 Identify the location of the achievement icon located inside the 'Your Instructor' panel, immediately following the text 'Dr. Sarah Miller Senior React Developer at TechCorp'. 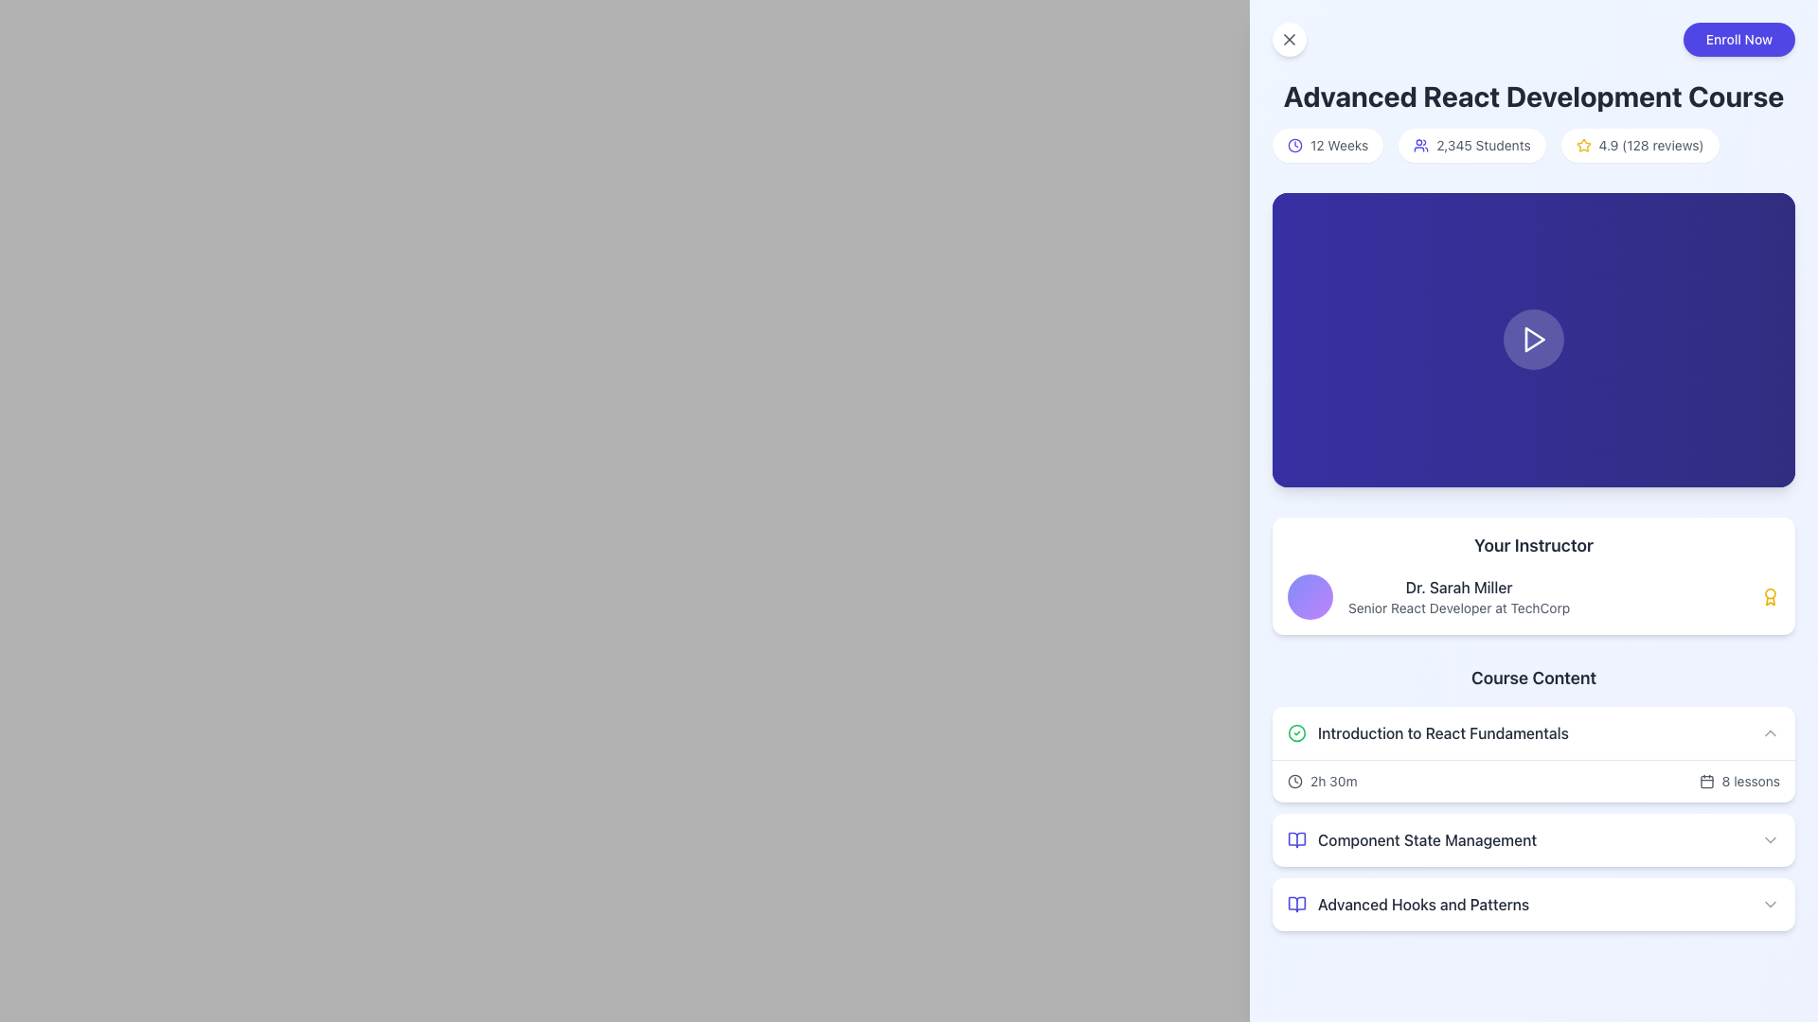
(1770, 596).